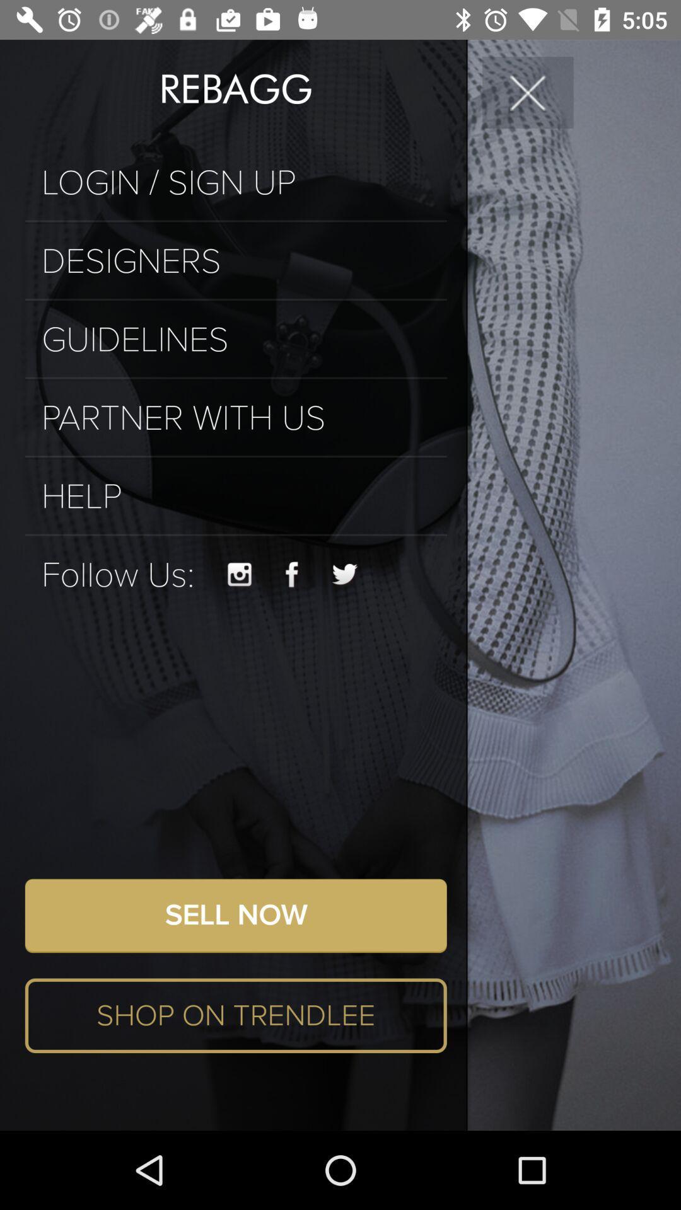 The height and width of the screenshot is (1210, 681). I want to click on the item above the sell now item, so click(345, 574).